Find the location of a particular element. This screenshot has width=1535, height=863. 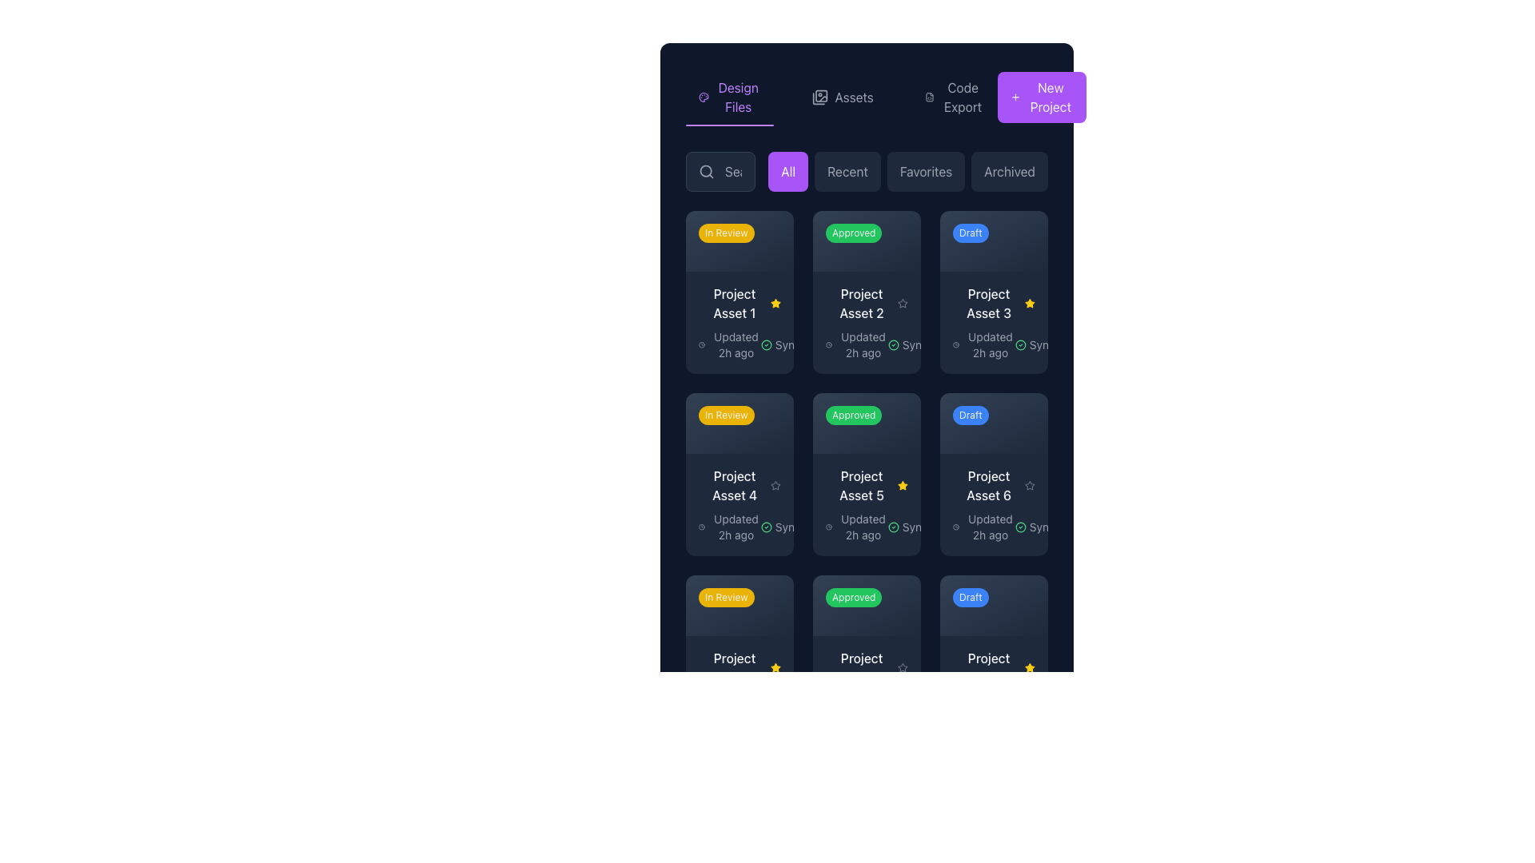

on the text label located in the third card of the second row, which serves as a title or identifier for the associated project is located at coordinates (988, 303).